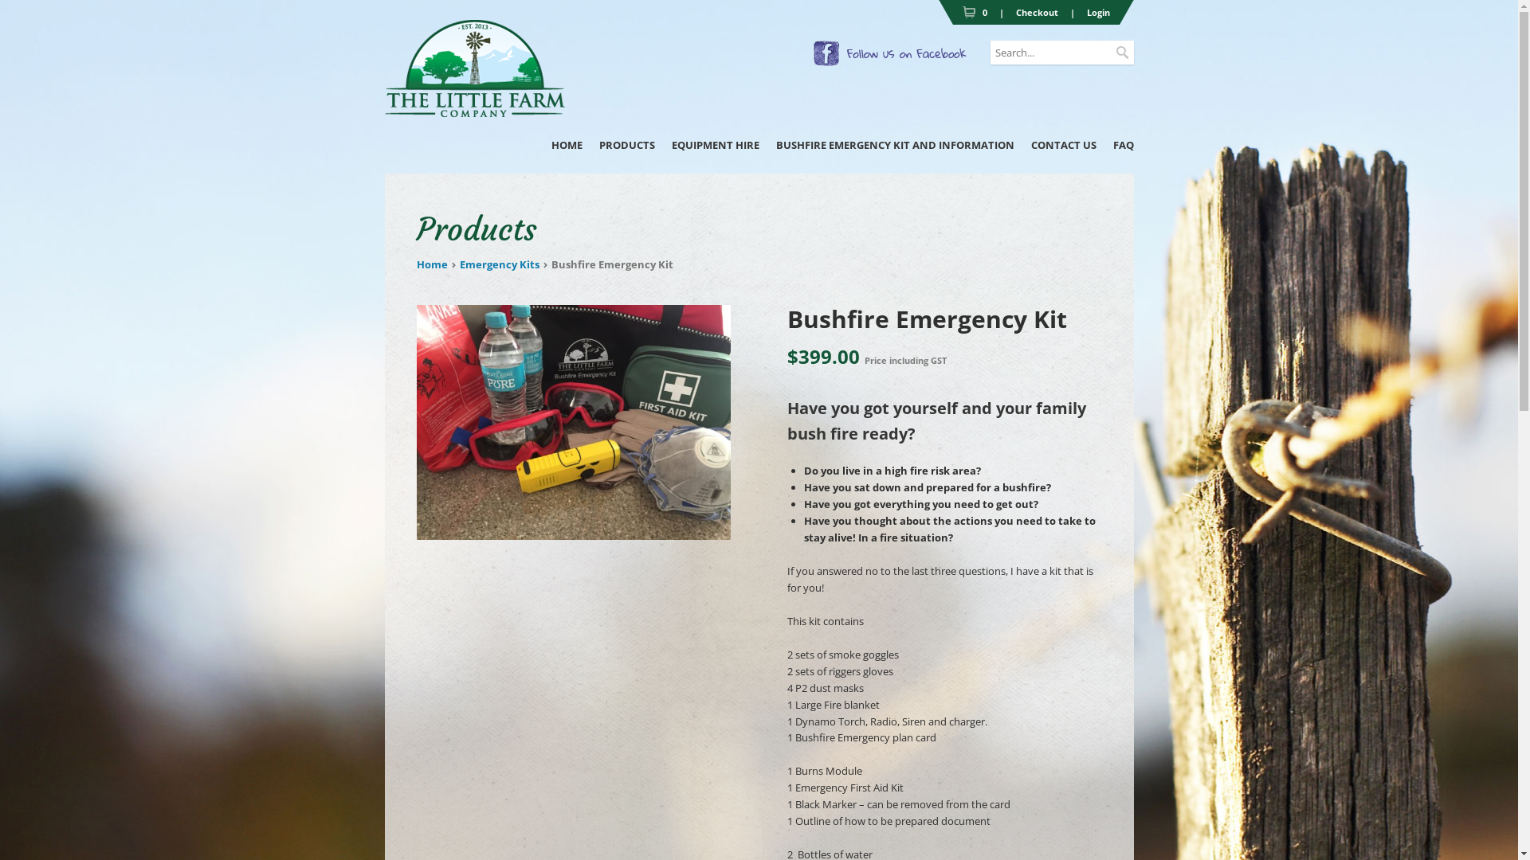 This screenshot has width=1530, height=860. Describe the element at coordinates (1036, 12) in the screenshot. I see `'Checkout'` at that location.